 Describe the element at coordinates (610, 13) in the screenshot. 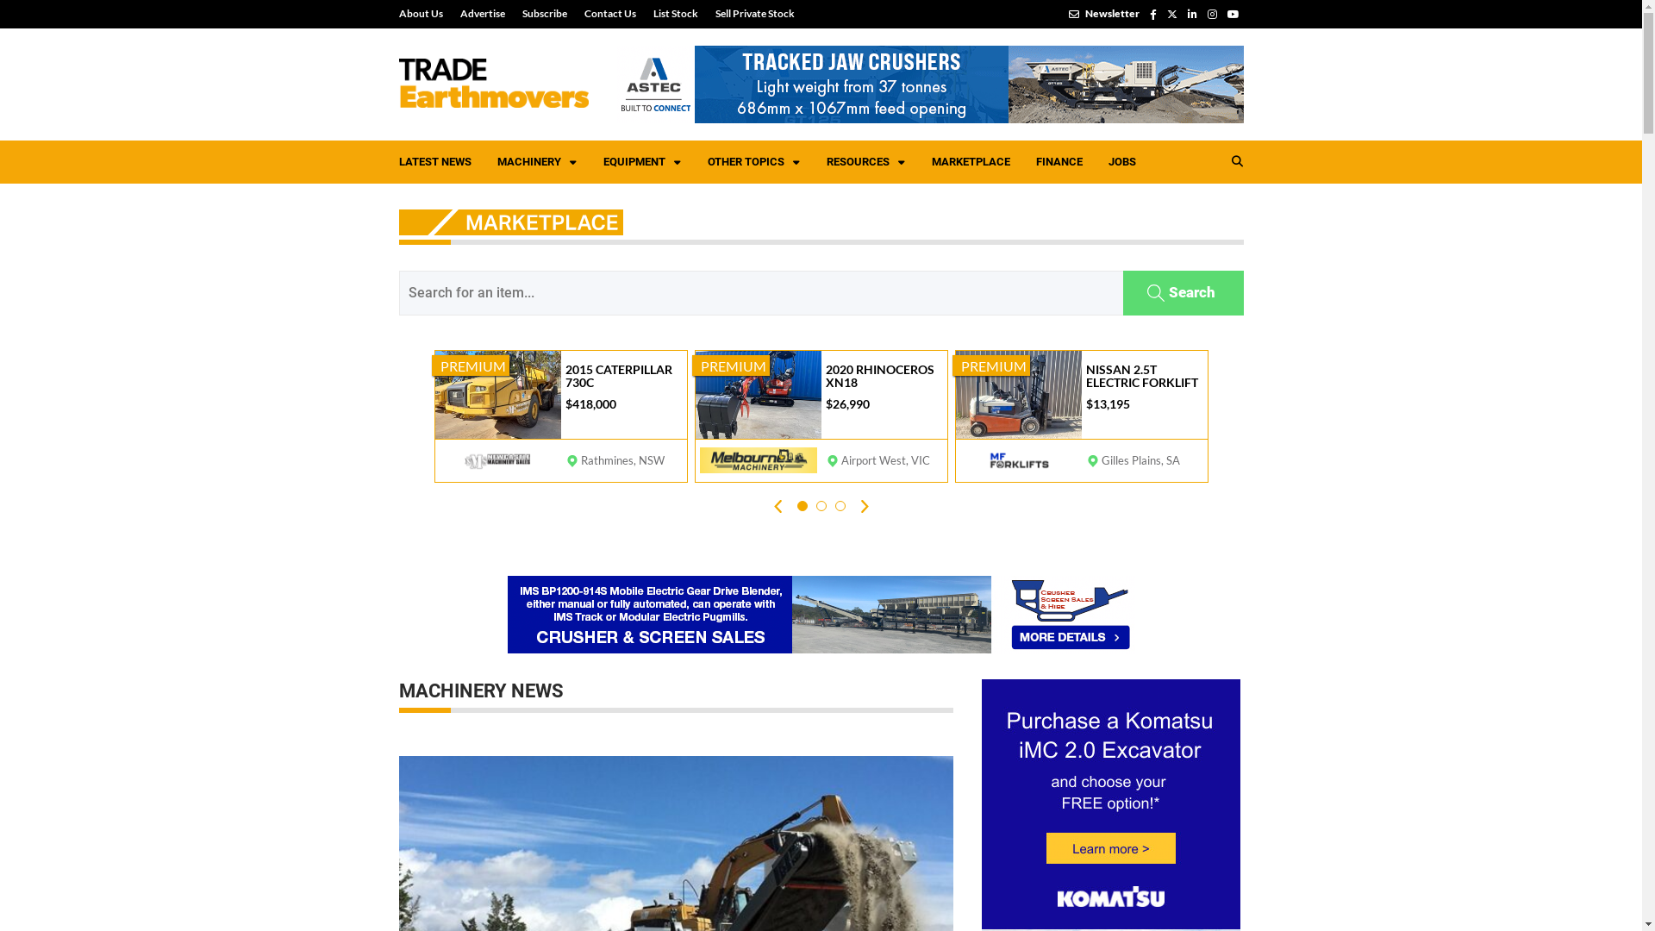

I see `'Contact Us'` at that location.